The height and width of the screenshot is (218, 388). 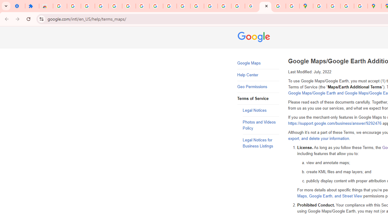 What do you see at coordinates (261, 125) in the screenshot?
I see `'Photos and Videos Policy'` at bounding box center [261, 125].